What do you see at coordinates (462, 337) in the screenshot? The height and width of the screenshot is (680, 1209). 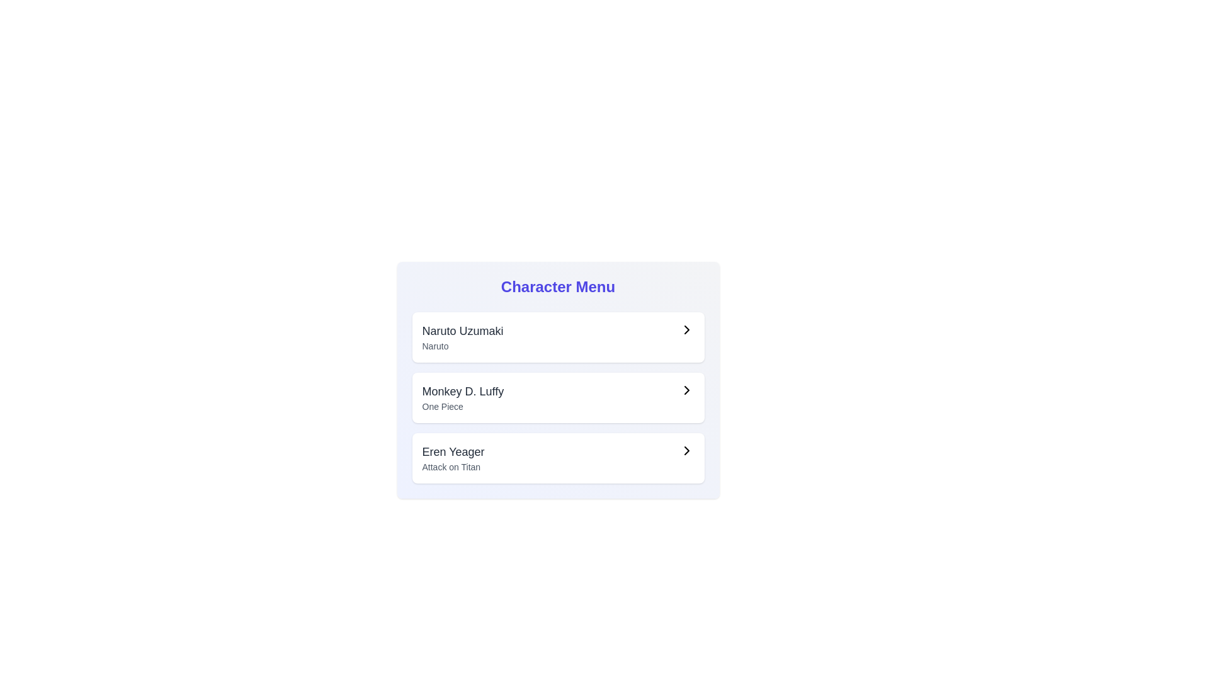 I see `the topmost entry in the character menu list` at bounding box center [462, 337].